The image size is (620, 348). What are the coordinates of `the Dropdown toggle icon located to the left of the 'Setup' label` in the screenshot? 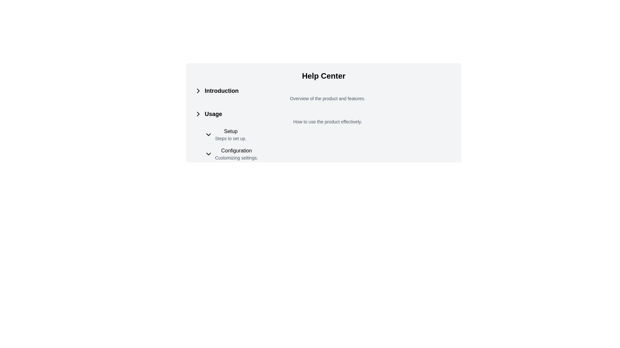 It's located at (209, 134).